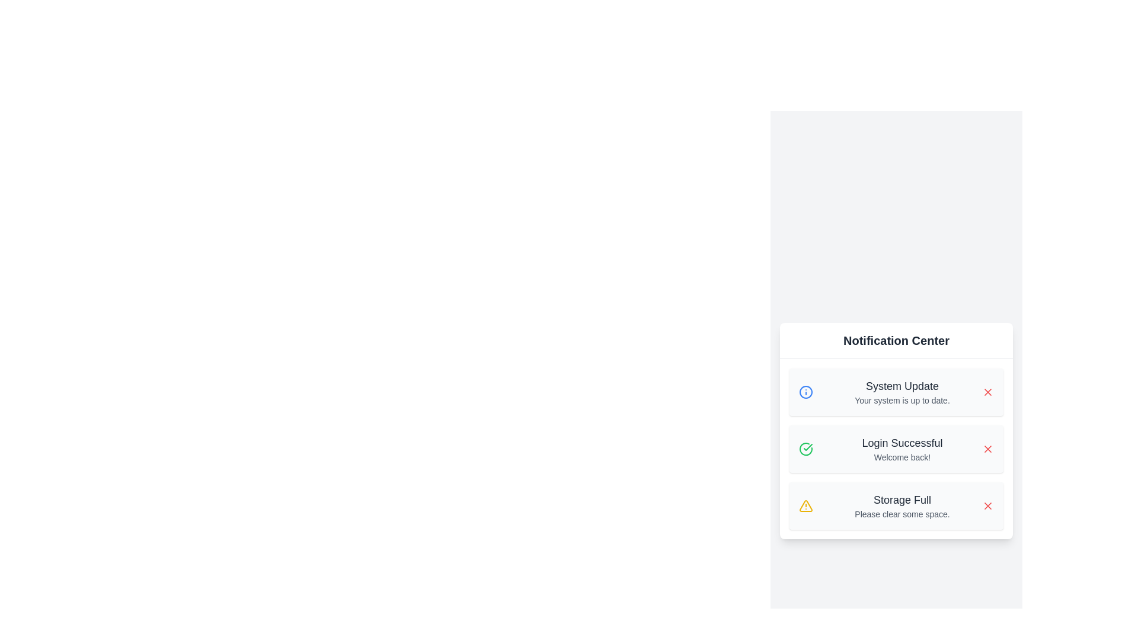  What do you see at coordinates (810, 505) in the screenshot?
I see `the warning icon indicating a 'Storage Full' notification located to the left of the text 'Storage Full' in the third notification entry of the notification center` at bounding box center [810, 505].